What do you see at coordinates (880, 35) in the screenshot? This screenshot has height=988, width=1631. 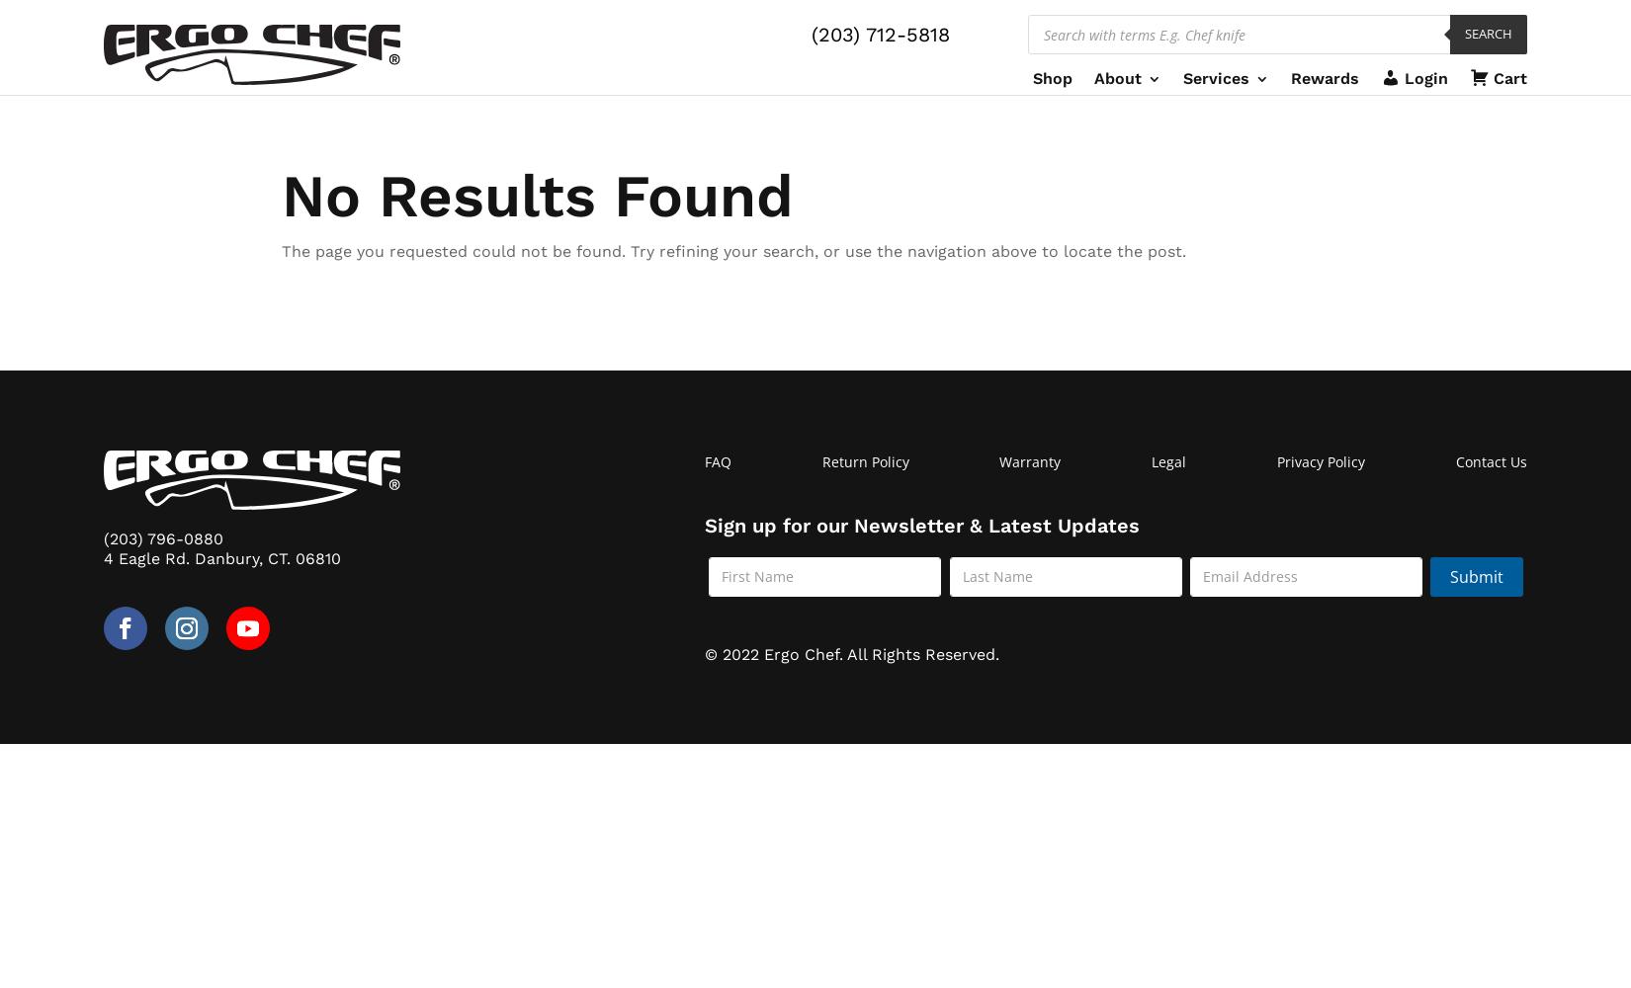 I see `'(203) 712-5818'` at bounding box center [880, 35].